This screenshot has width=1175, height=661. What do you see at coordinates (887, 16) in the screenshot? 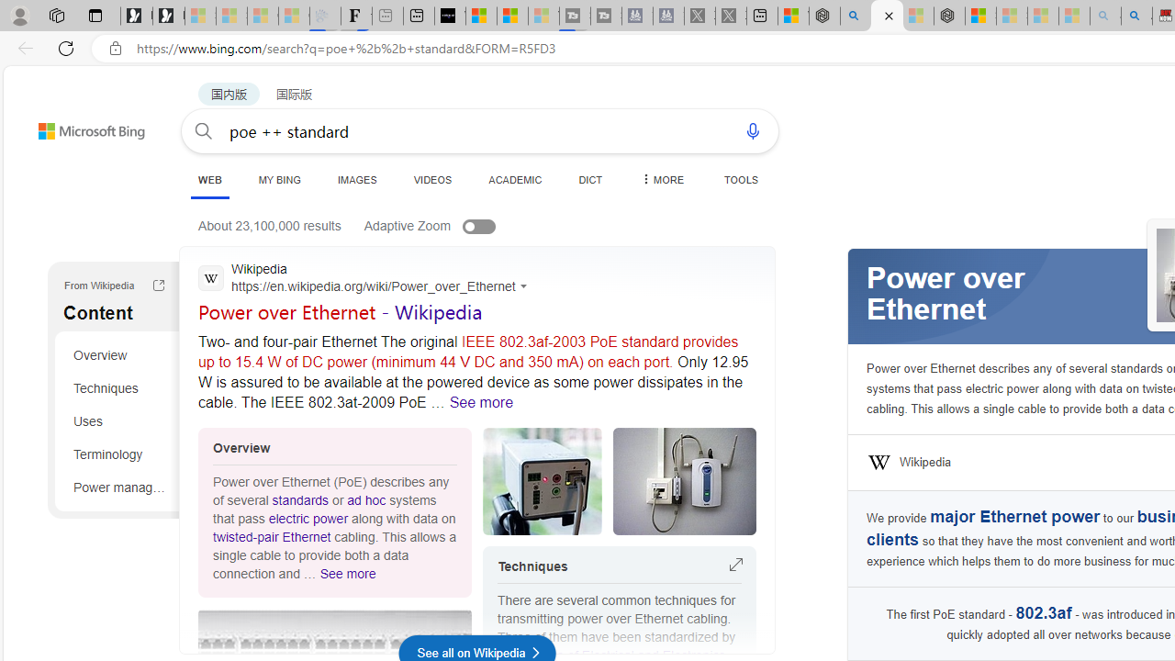
I see `'poe ++ standard - Search'` at bounding box center [887, 16].